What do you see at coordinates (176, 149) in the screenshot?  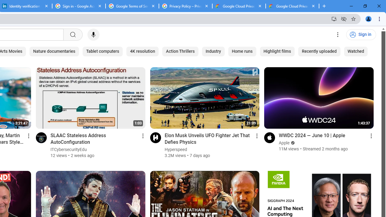 I see `'Hyperspeed'` at bounding box center [176, 149].